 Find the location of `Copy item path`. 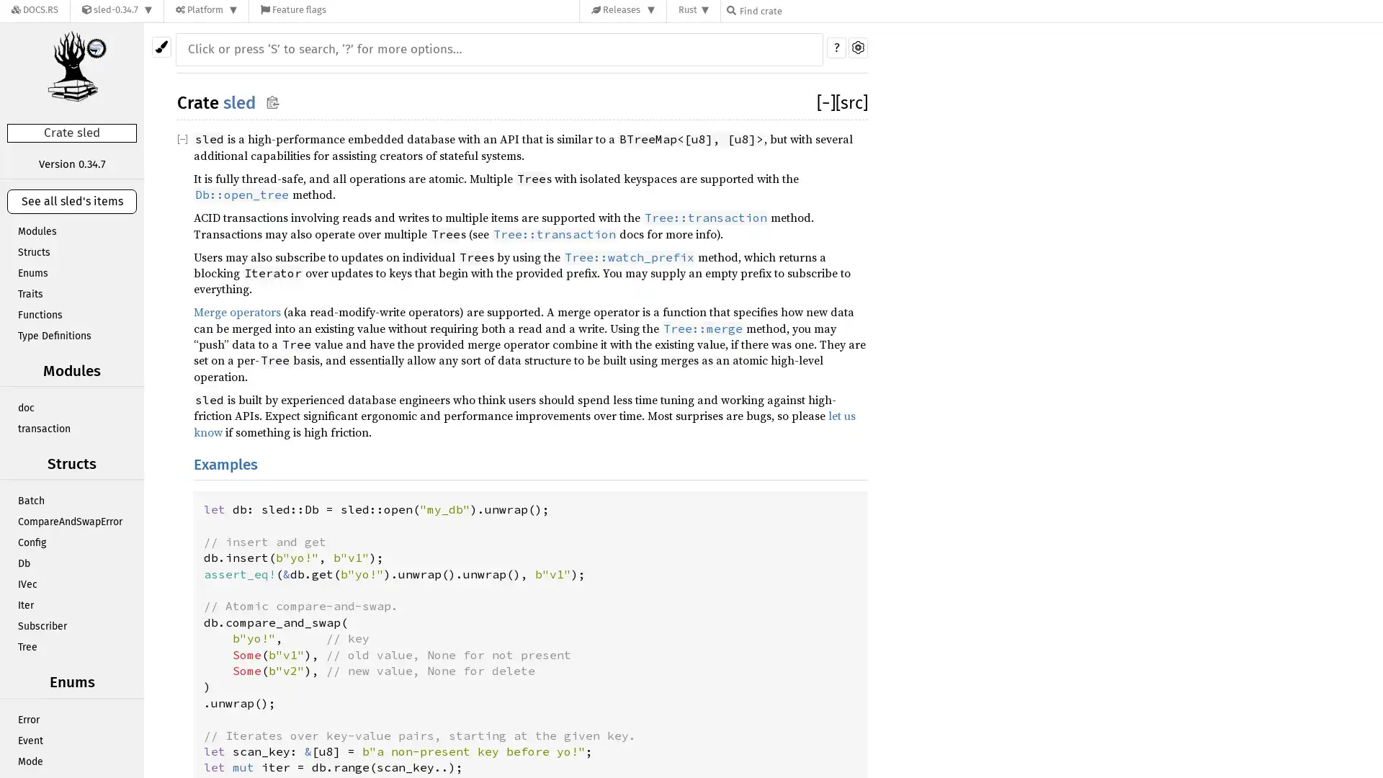

Copy item path is located at coordinates (272, 100).